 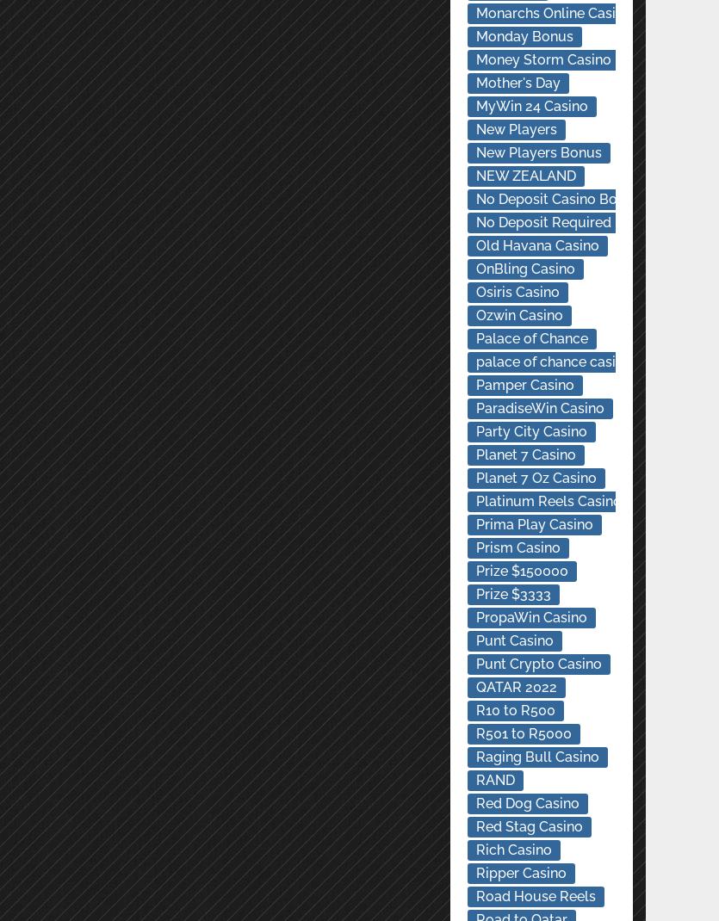 What do you see at coordinates (524, 269) in the screenshot?
I see `'OnBling Casino'` at bounding box center [524, 269].